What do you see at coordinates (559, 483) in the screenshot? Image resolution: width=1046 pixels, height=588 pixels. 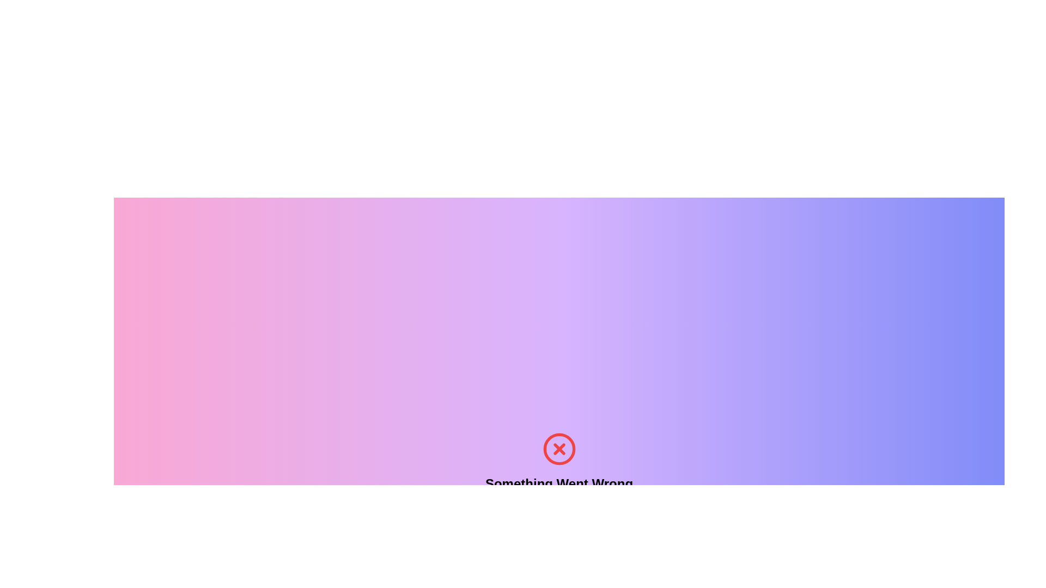 I see `the bold text element displaying 'Something Went Wrong', which is centrally aligned and visually distinct against a gradient background` at bounding box center [559, 483].